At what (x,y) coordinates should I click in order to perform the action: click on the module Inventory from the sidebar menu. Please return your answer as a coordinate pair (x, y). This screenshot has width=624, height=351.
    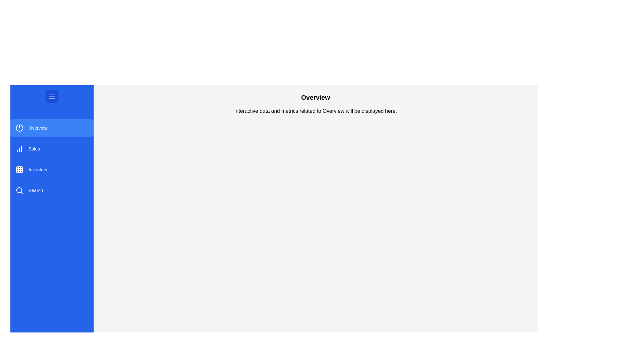
    Looking at the image, I should click on (51, 169).